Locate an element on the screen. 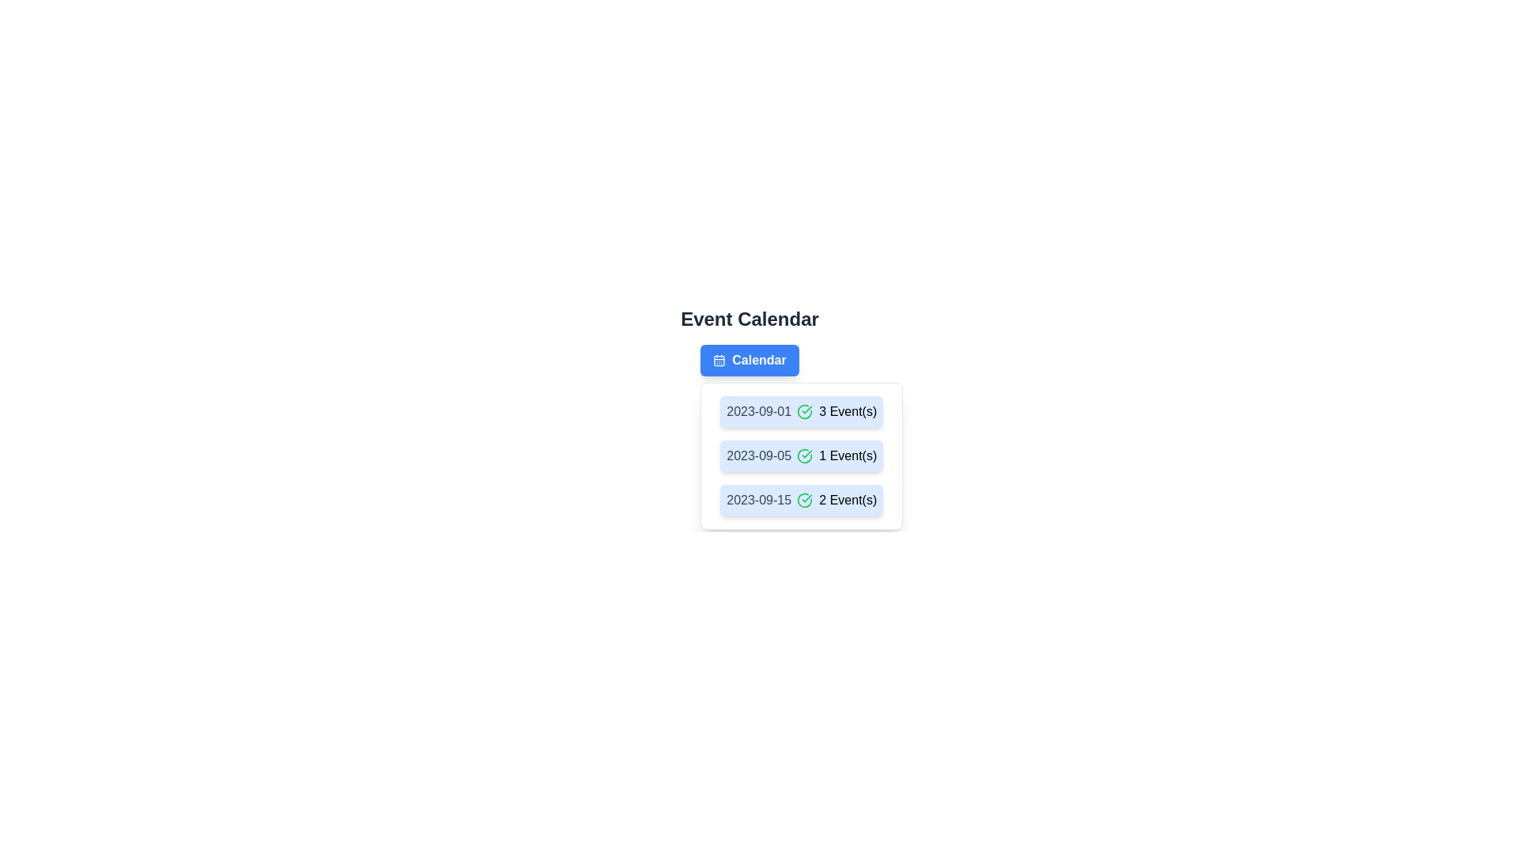 This screenshot has height=854, width=1518. the checkmark icon representing the status indicator in the first event entry of the list is located at coordinates (805, 410).